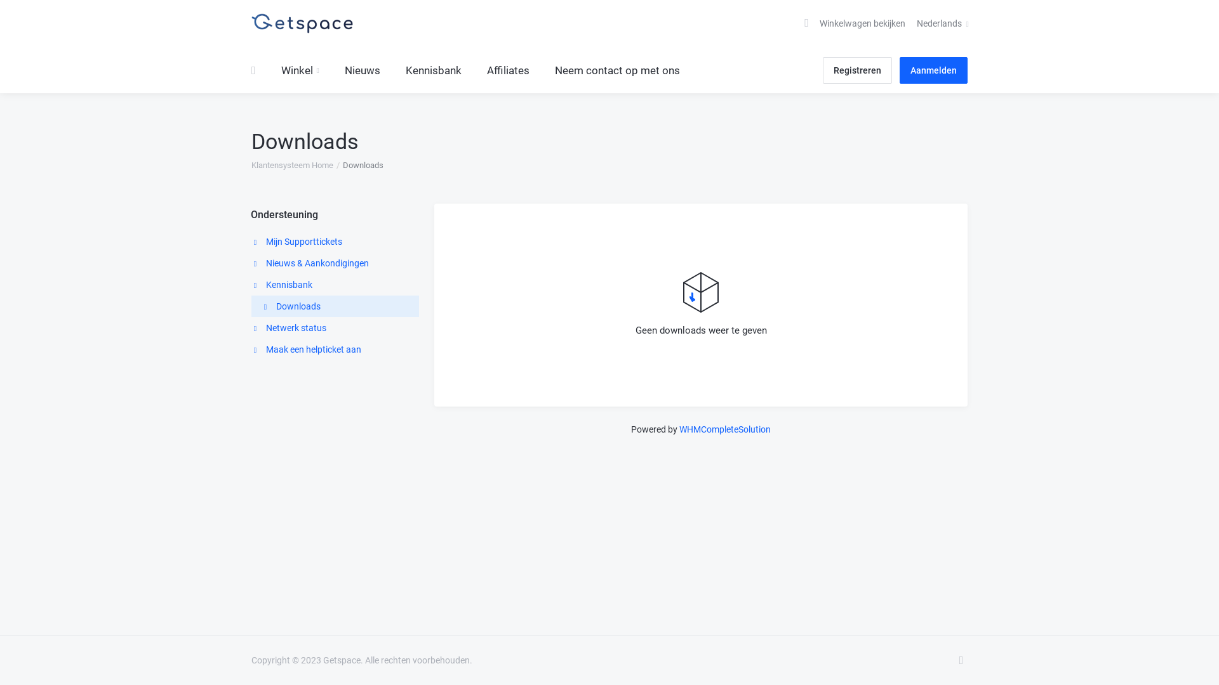 Image resolution: width=1219 pixels, height=685 pixels. I want to click on 'Registreren', so click(823, 70).